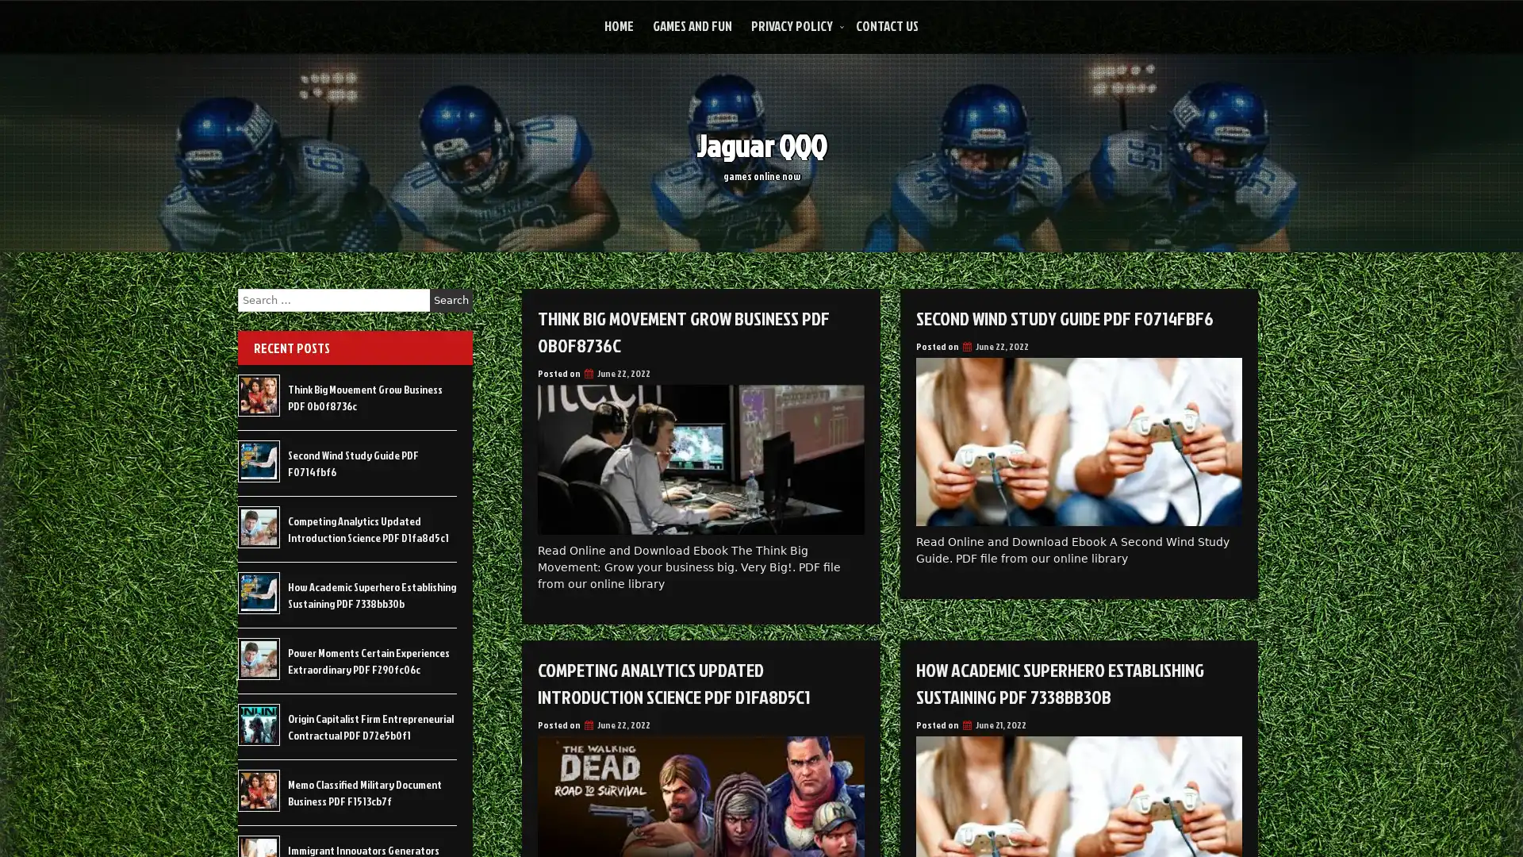 This screenshot has width=1523, height=857. Describe the element at coordinates (451, 300) in the screenshot. I see `Search` at that location.